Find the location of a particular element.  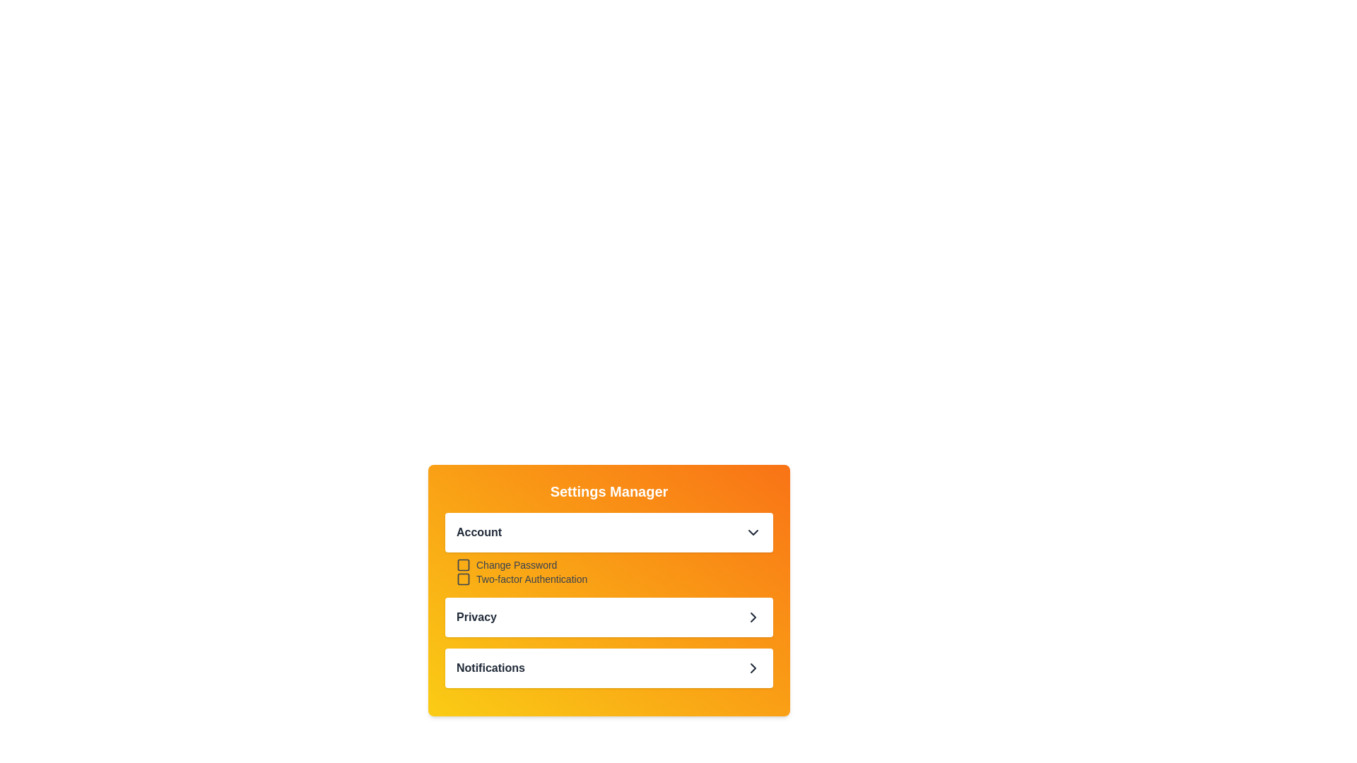

the navigation icon located to the right of the 'Privacy' list item in the settings menu is located at coordinates (752, 617).